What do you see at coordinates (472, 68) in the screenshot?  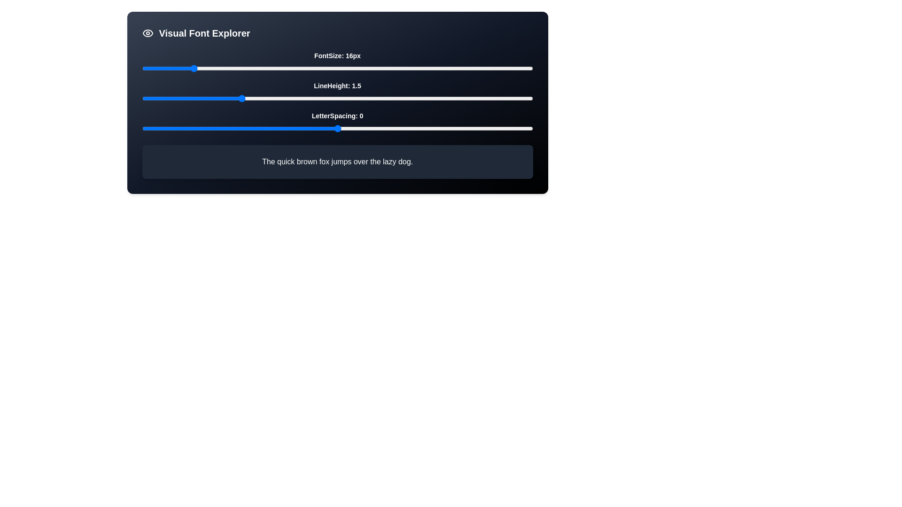 I see `the font size slider to 62 pixels` at bounding box center [472, 68].